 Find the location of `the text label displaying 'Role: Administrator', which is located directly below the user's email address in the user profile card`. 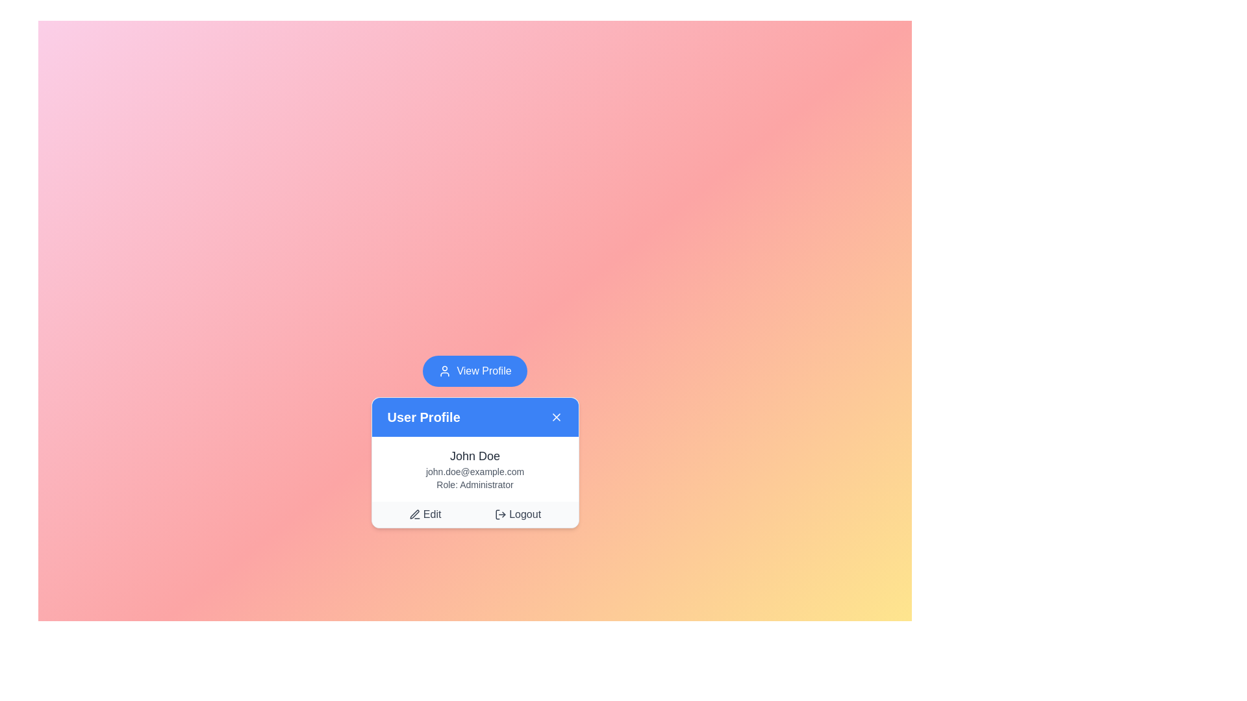

the text label displaying 'Role: Administrator', which is located directly below the user's email address in the user profile card is located at coordinates (474, 485).